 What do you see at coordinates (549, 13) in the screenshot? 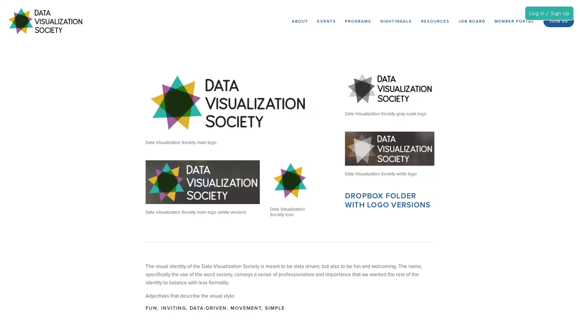
I see `Log In / Sign Up` at bounding box center [549, 13].